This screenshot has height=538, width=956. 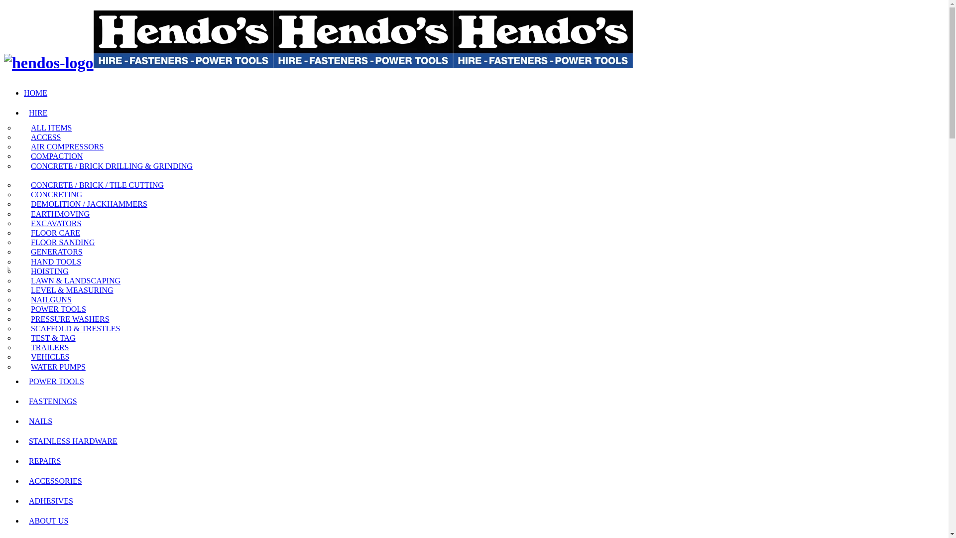 What do you see at coordinates (16, 127) in the screenshot?
I see `'ALL ITEMS'` at bounding box center [16, 127].